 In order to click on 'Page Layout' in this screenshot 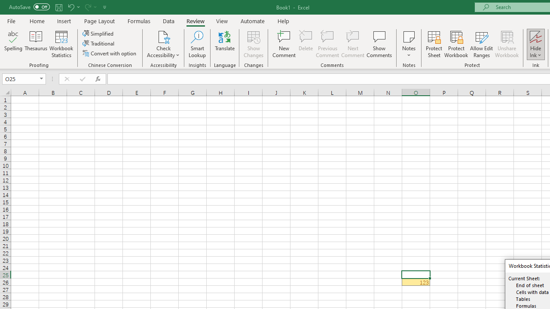, I will do `click(99, 21)`.